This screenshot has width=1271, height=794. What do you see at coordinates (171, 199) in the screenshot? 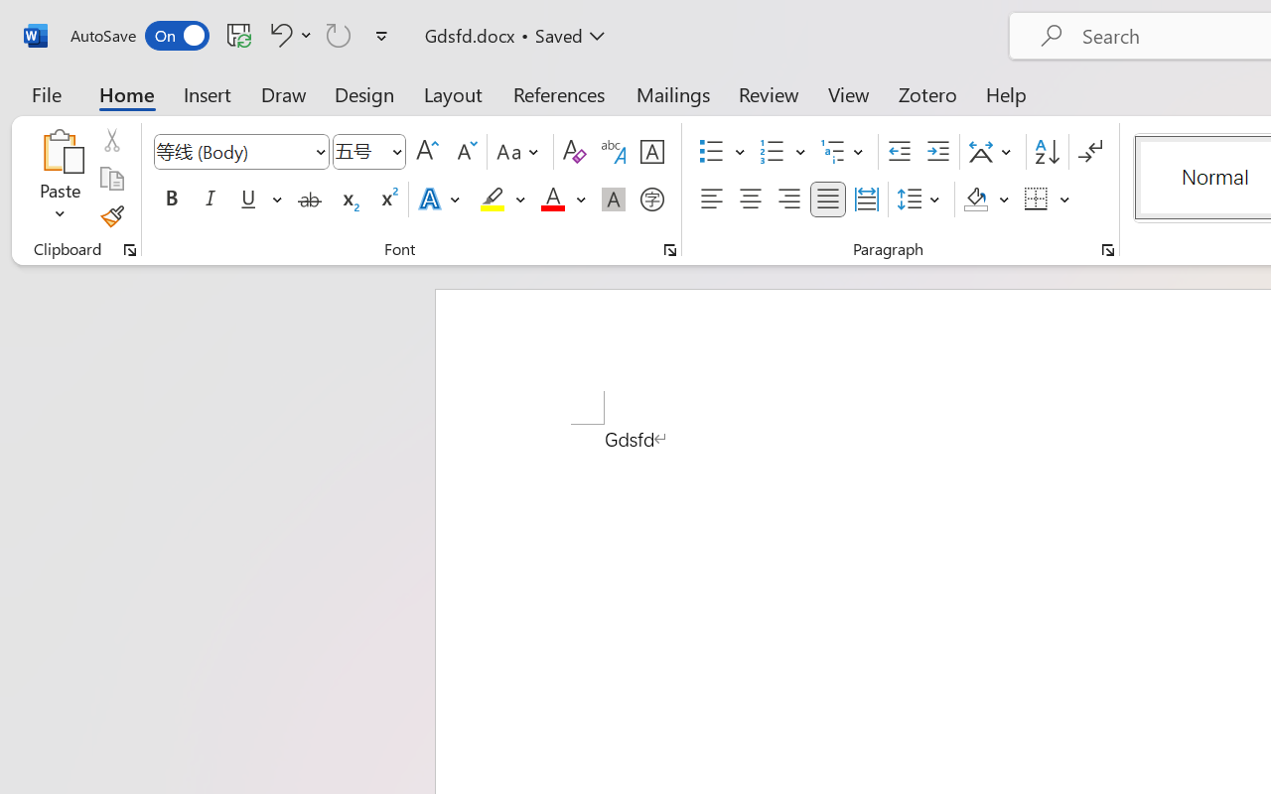
I see `'Bold'` at bounding box center [171, 199].